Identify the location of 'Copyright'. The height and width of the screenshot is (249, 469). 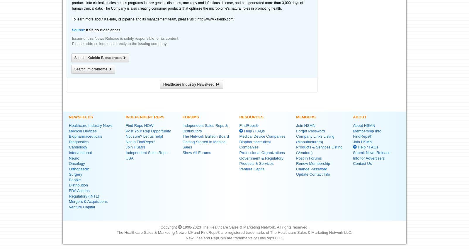
(169, 227).